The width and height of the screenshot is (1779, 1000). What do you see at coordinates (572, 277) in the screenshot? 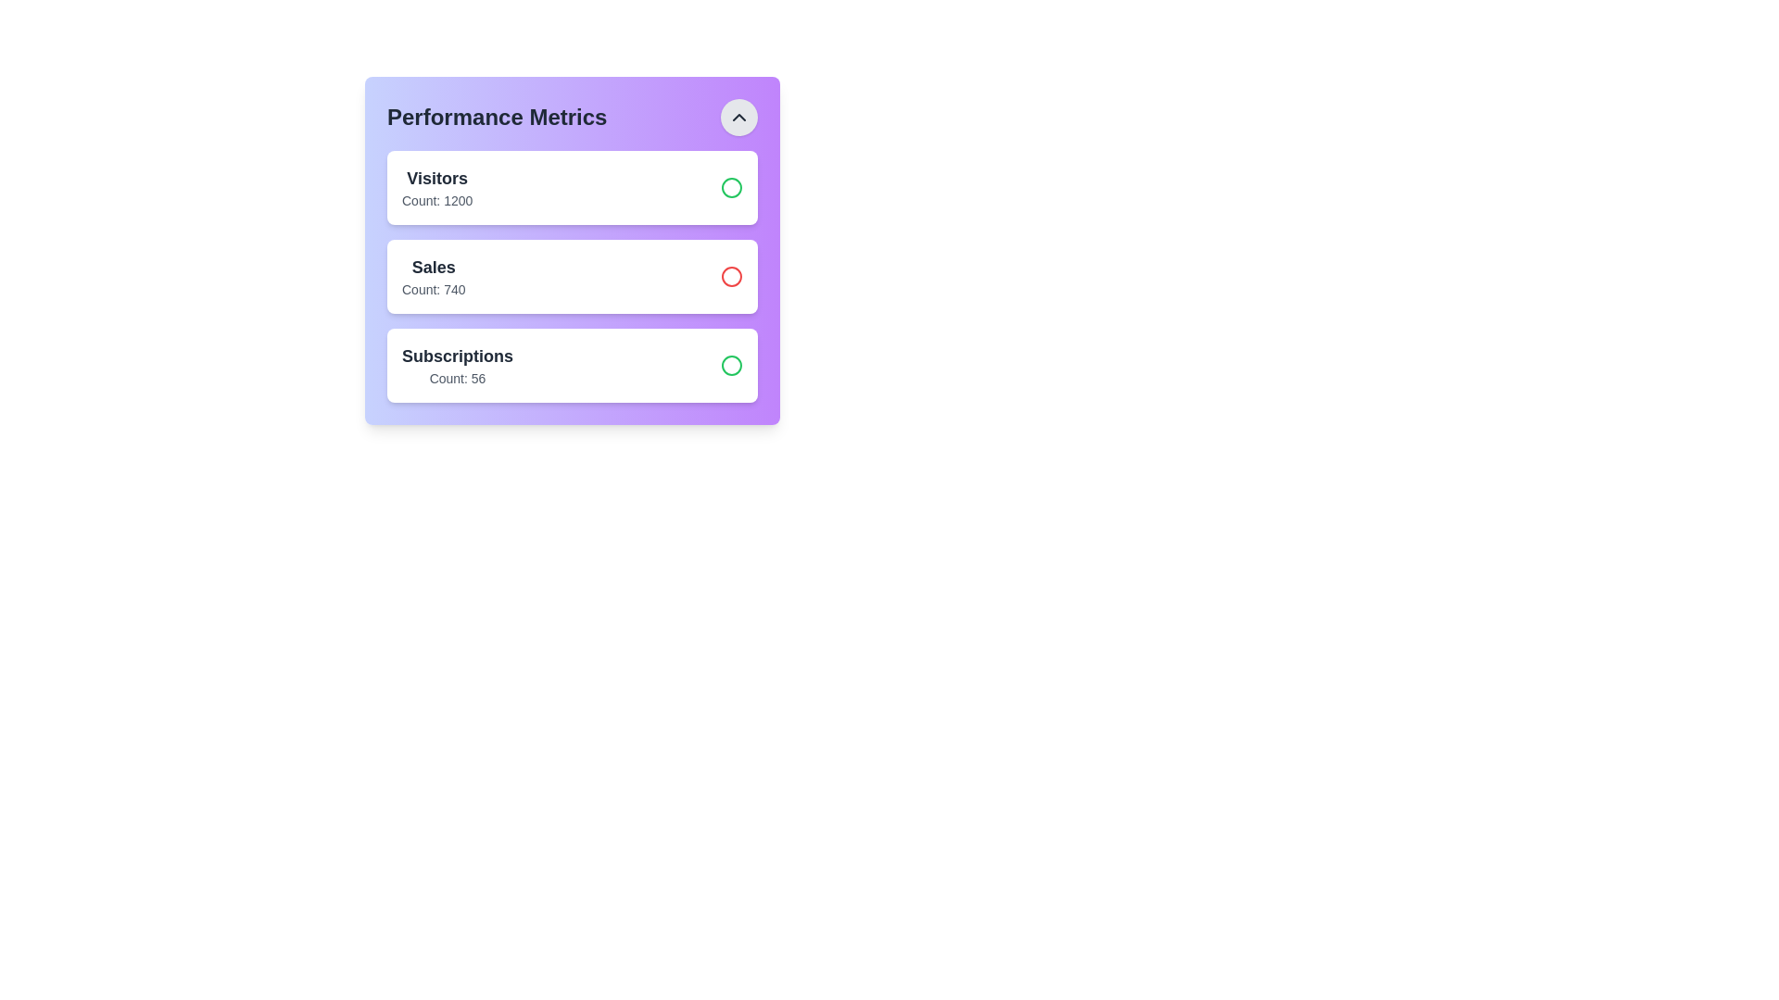
I see `the stat item for Sales` at bounding box center [572, 277].